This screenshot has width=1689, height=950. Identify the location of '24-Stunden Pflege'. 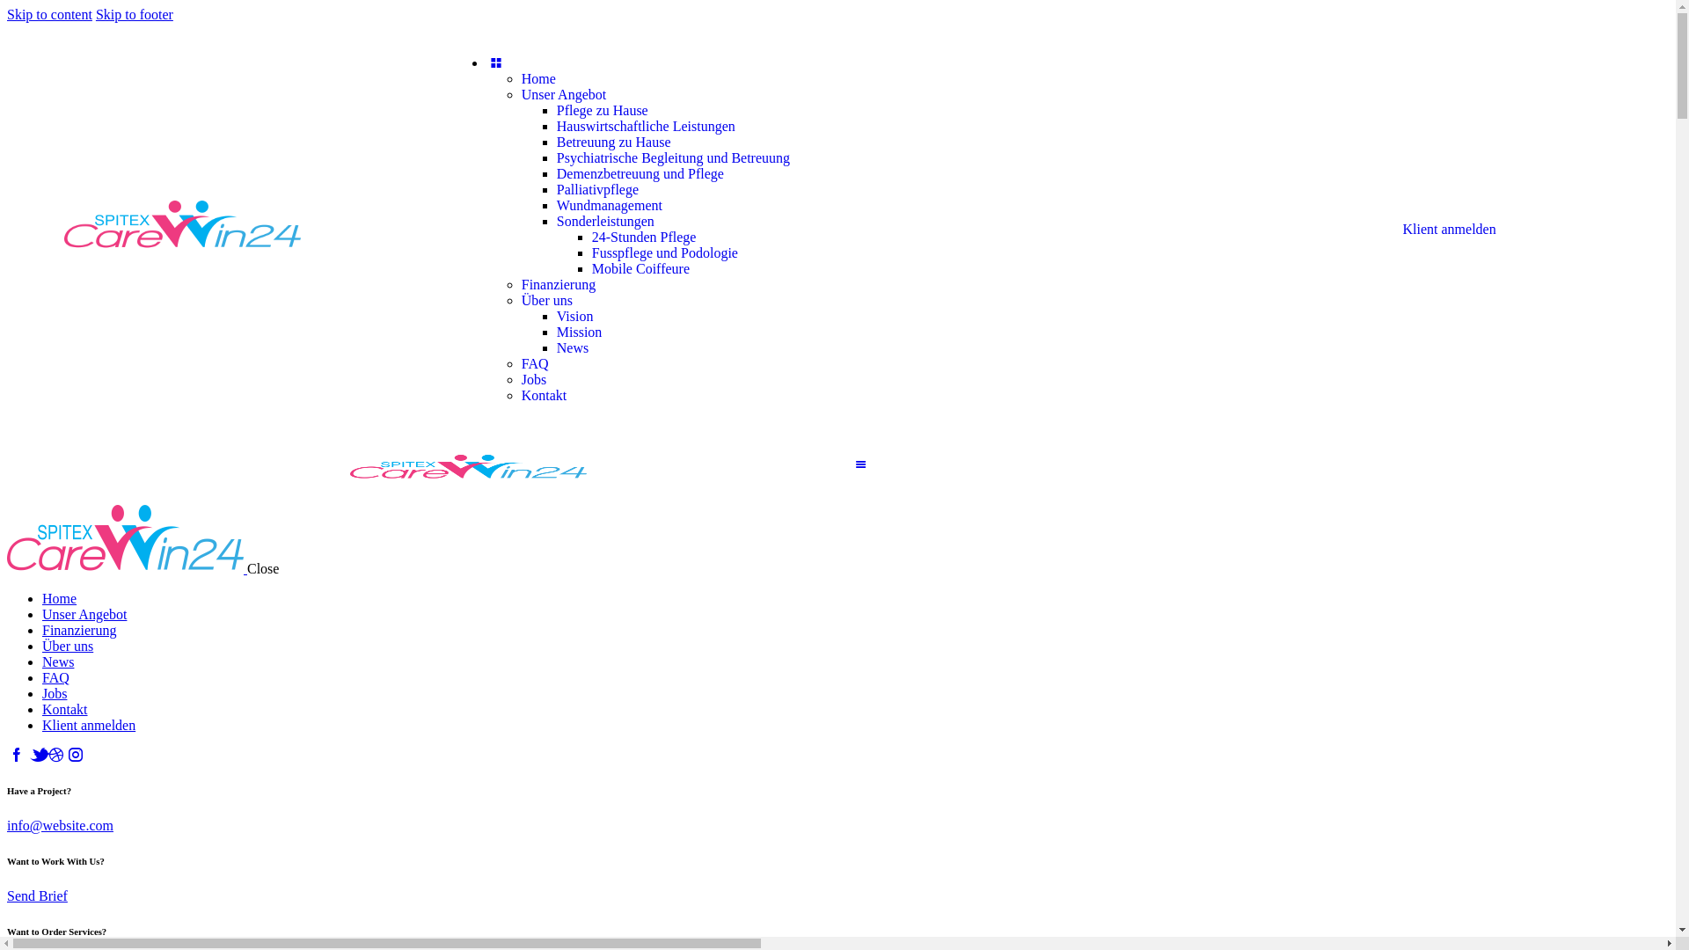
(643, 236).